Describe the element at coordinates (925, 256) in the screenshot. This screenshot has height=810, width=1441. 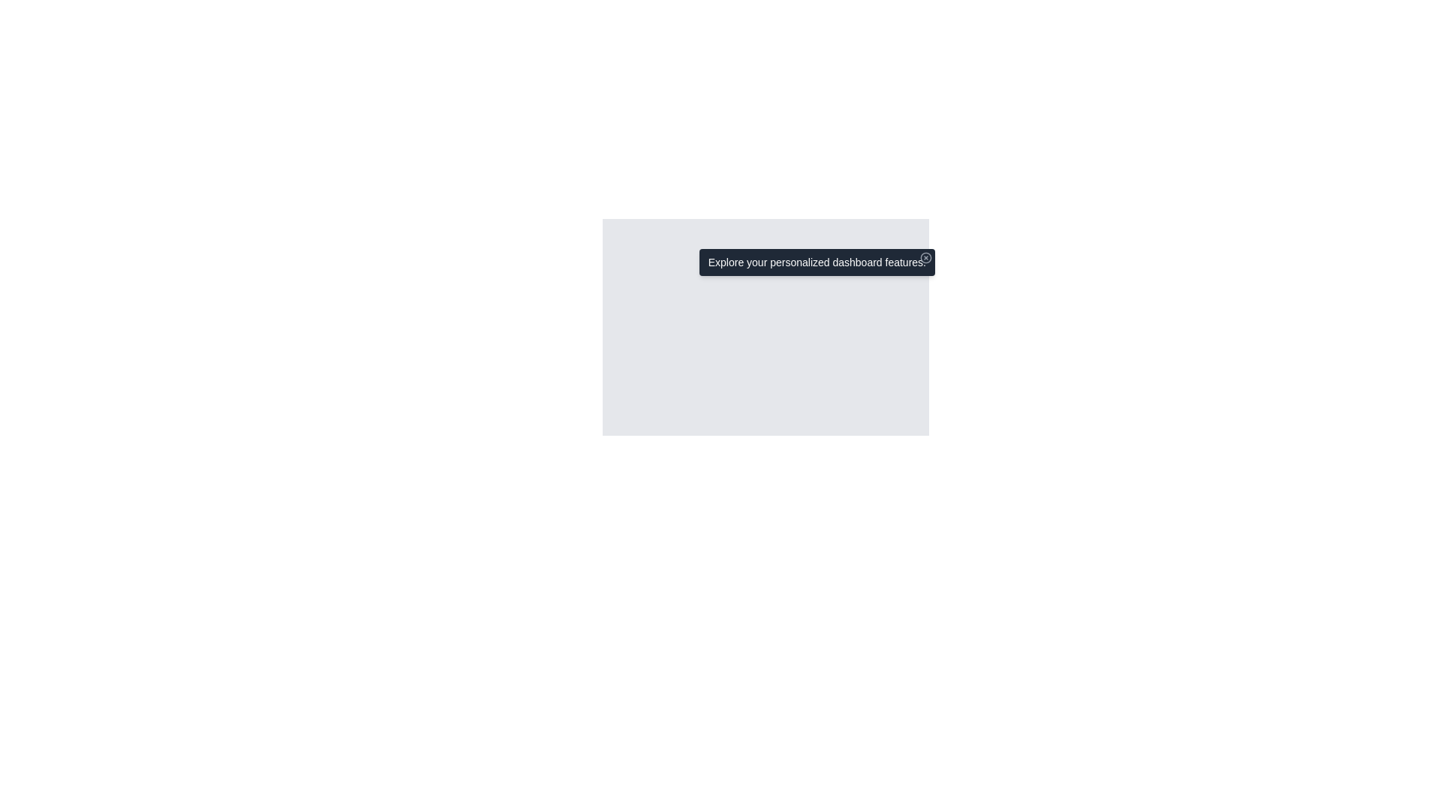
I see `the Circle graphic that serves as part of a close or cancel button in the top-right corner of the notification tooltip` at that location.